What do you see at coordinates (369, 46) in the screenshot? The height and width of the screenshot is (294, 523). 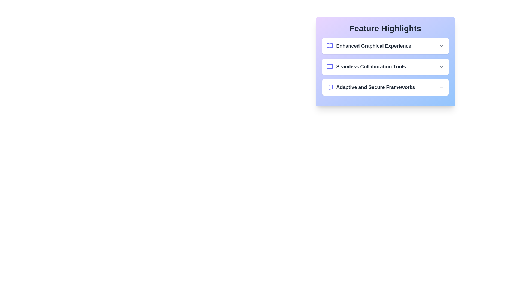 I see `the selectable list item related to 'Enhanced Graphical Experience' using keyboard navigation` at bounding box center [369, 46].